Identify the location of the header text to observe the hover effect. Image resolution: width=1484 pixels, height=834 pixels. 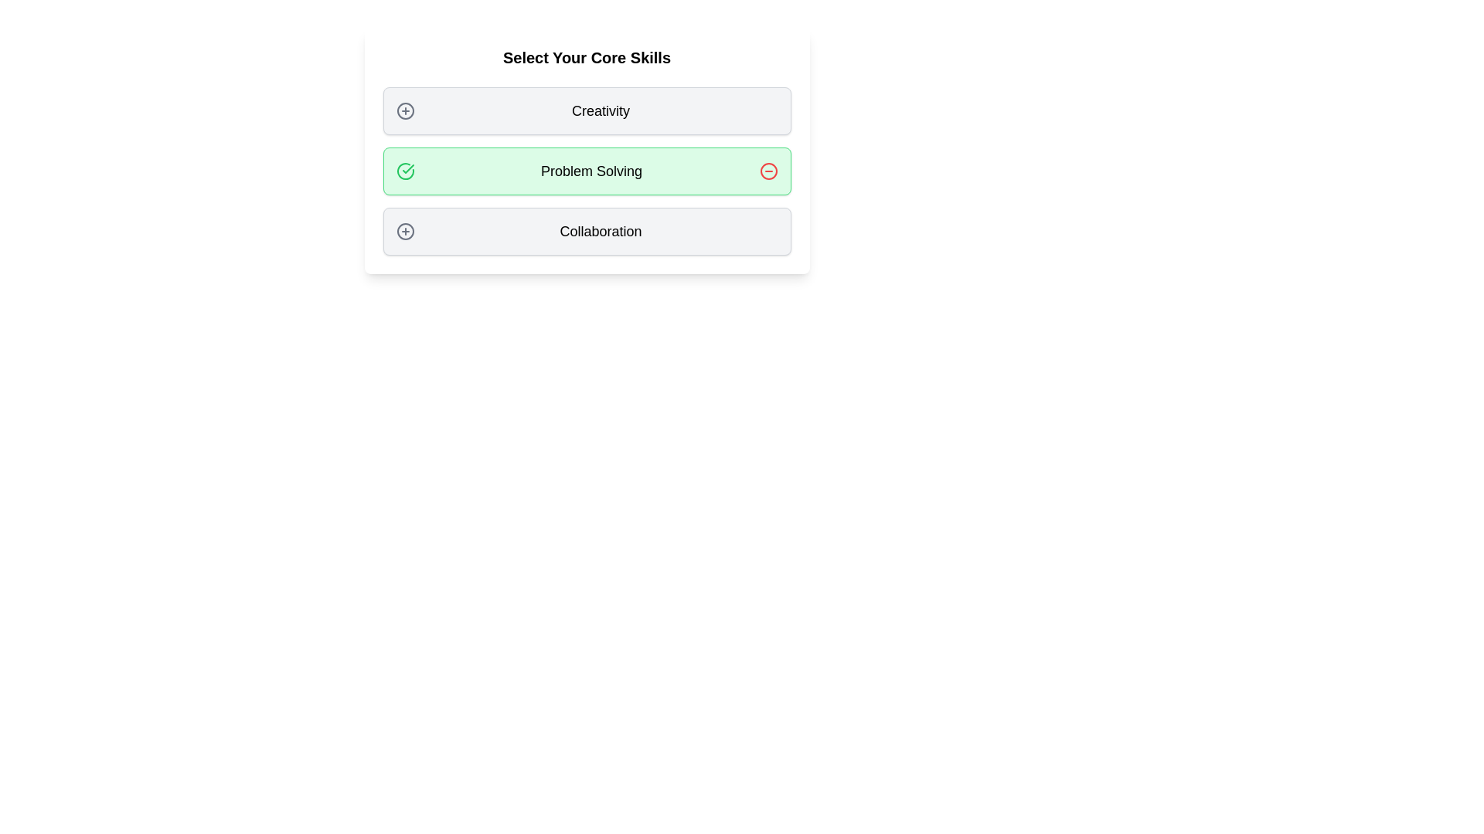
(586, 56).